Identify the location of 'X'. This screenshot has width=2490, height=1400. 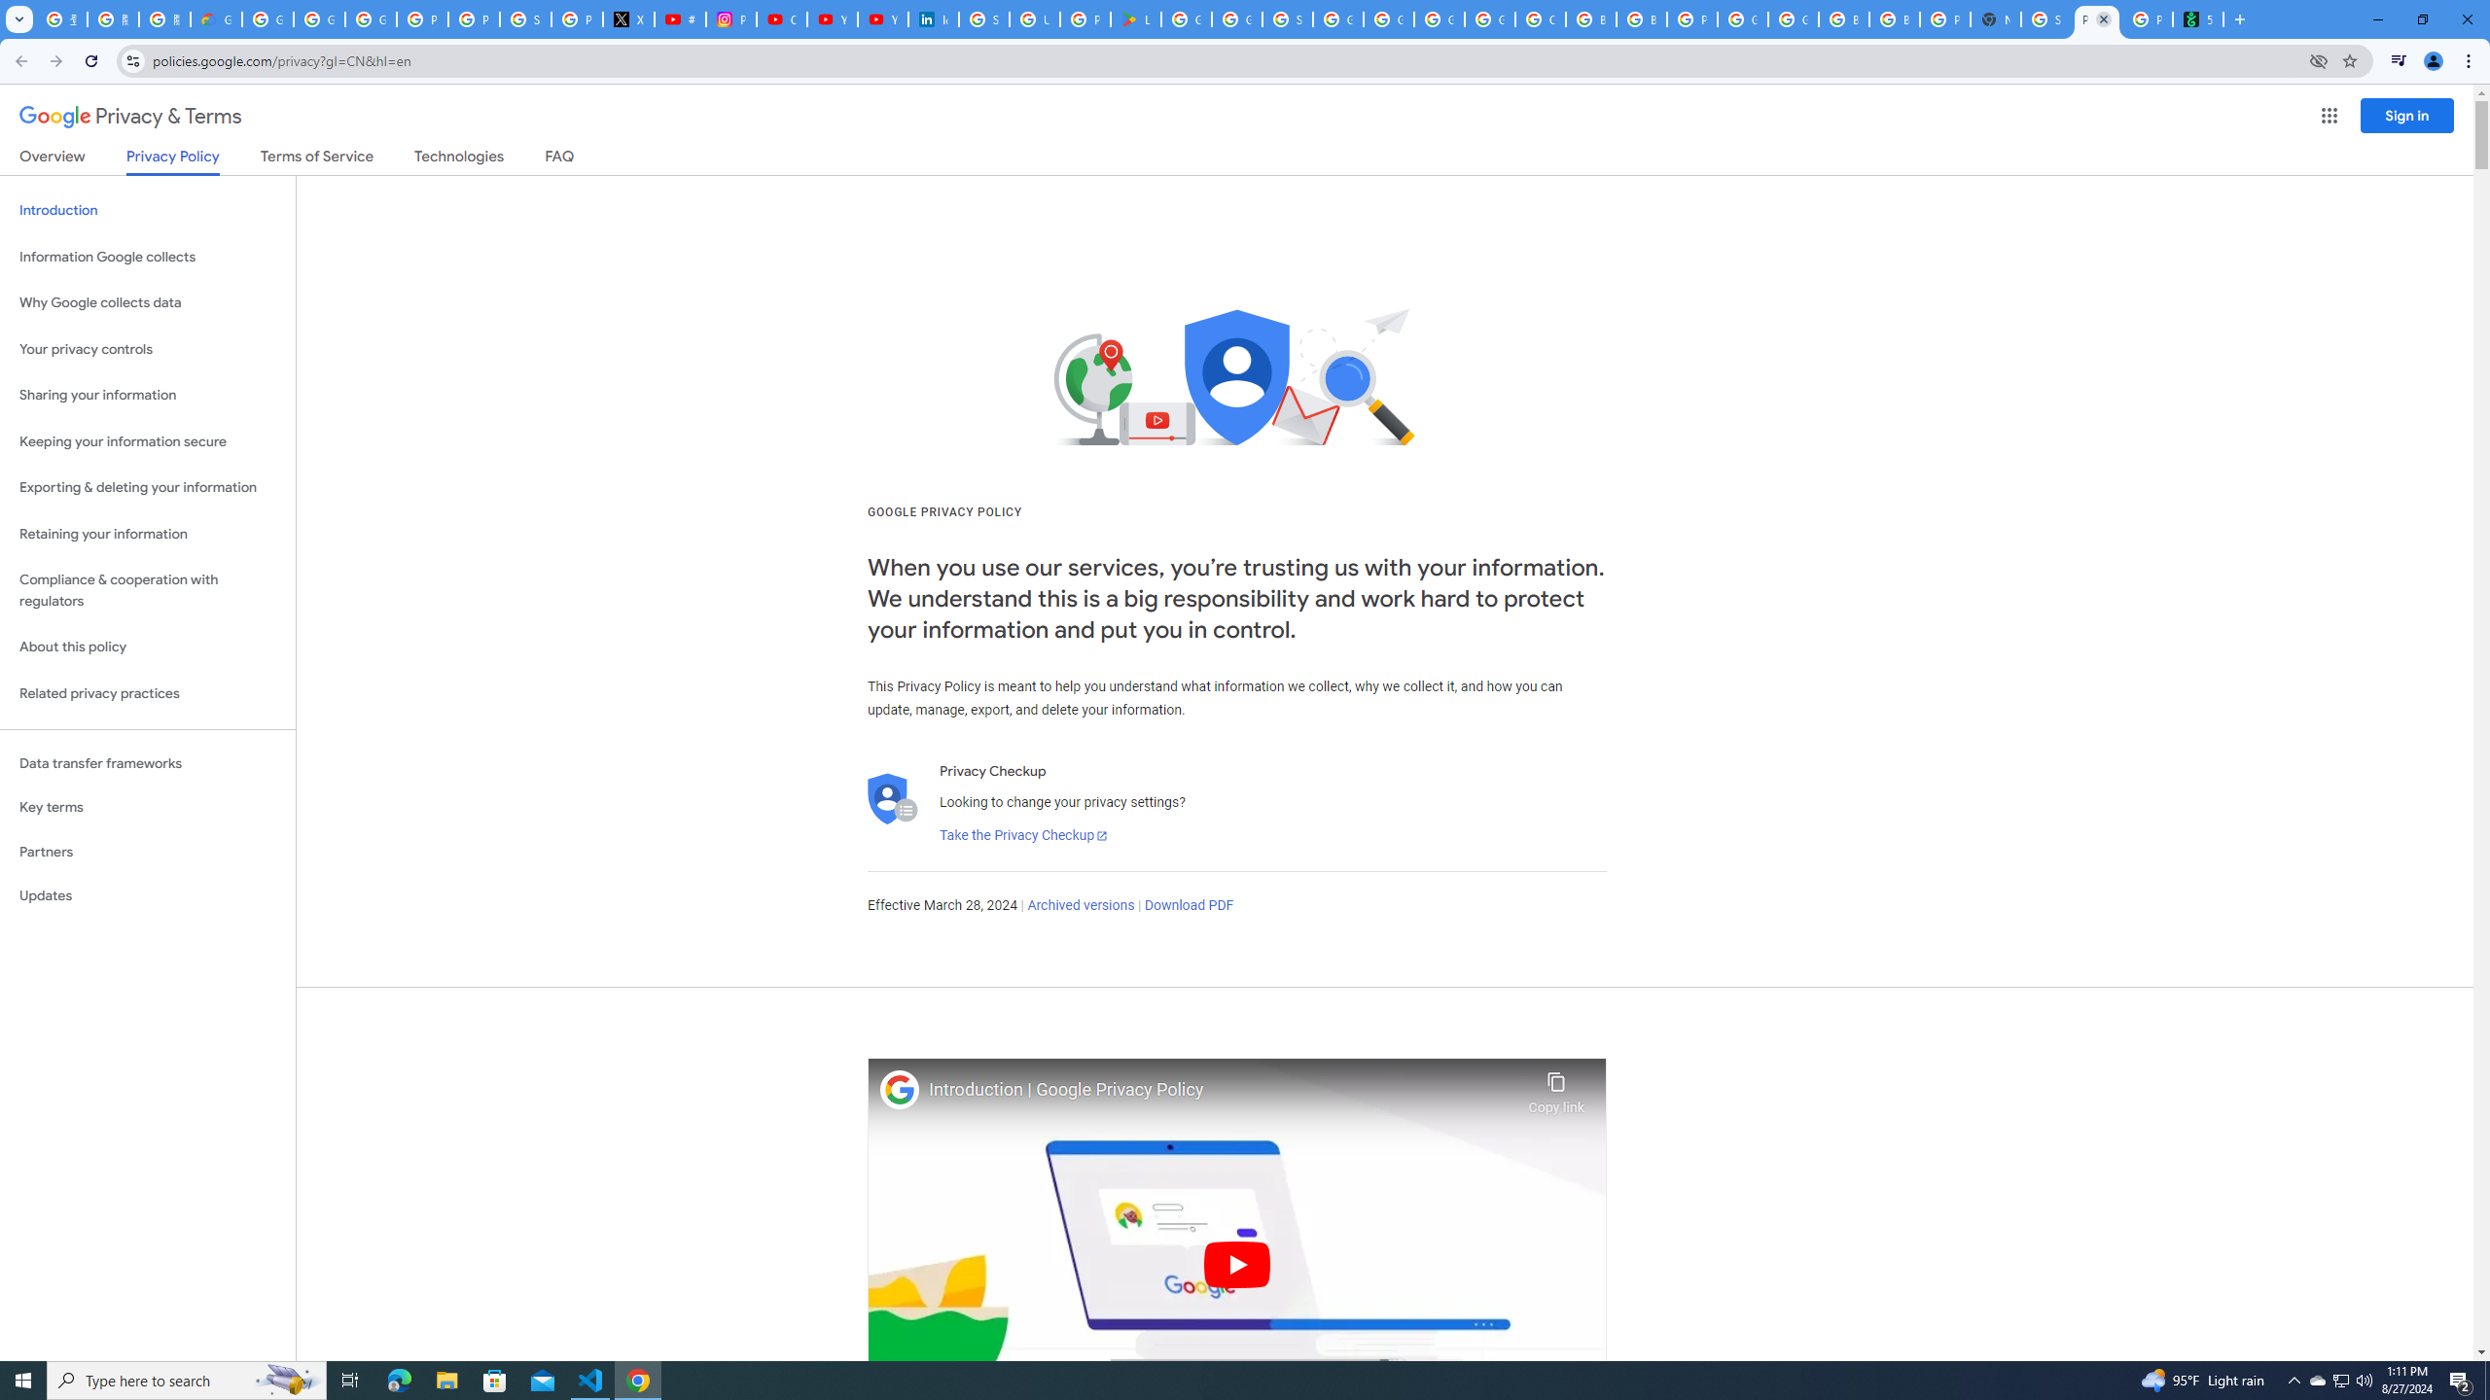
(627, 18).